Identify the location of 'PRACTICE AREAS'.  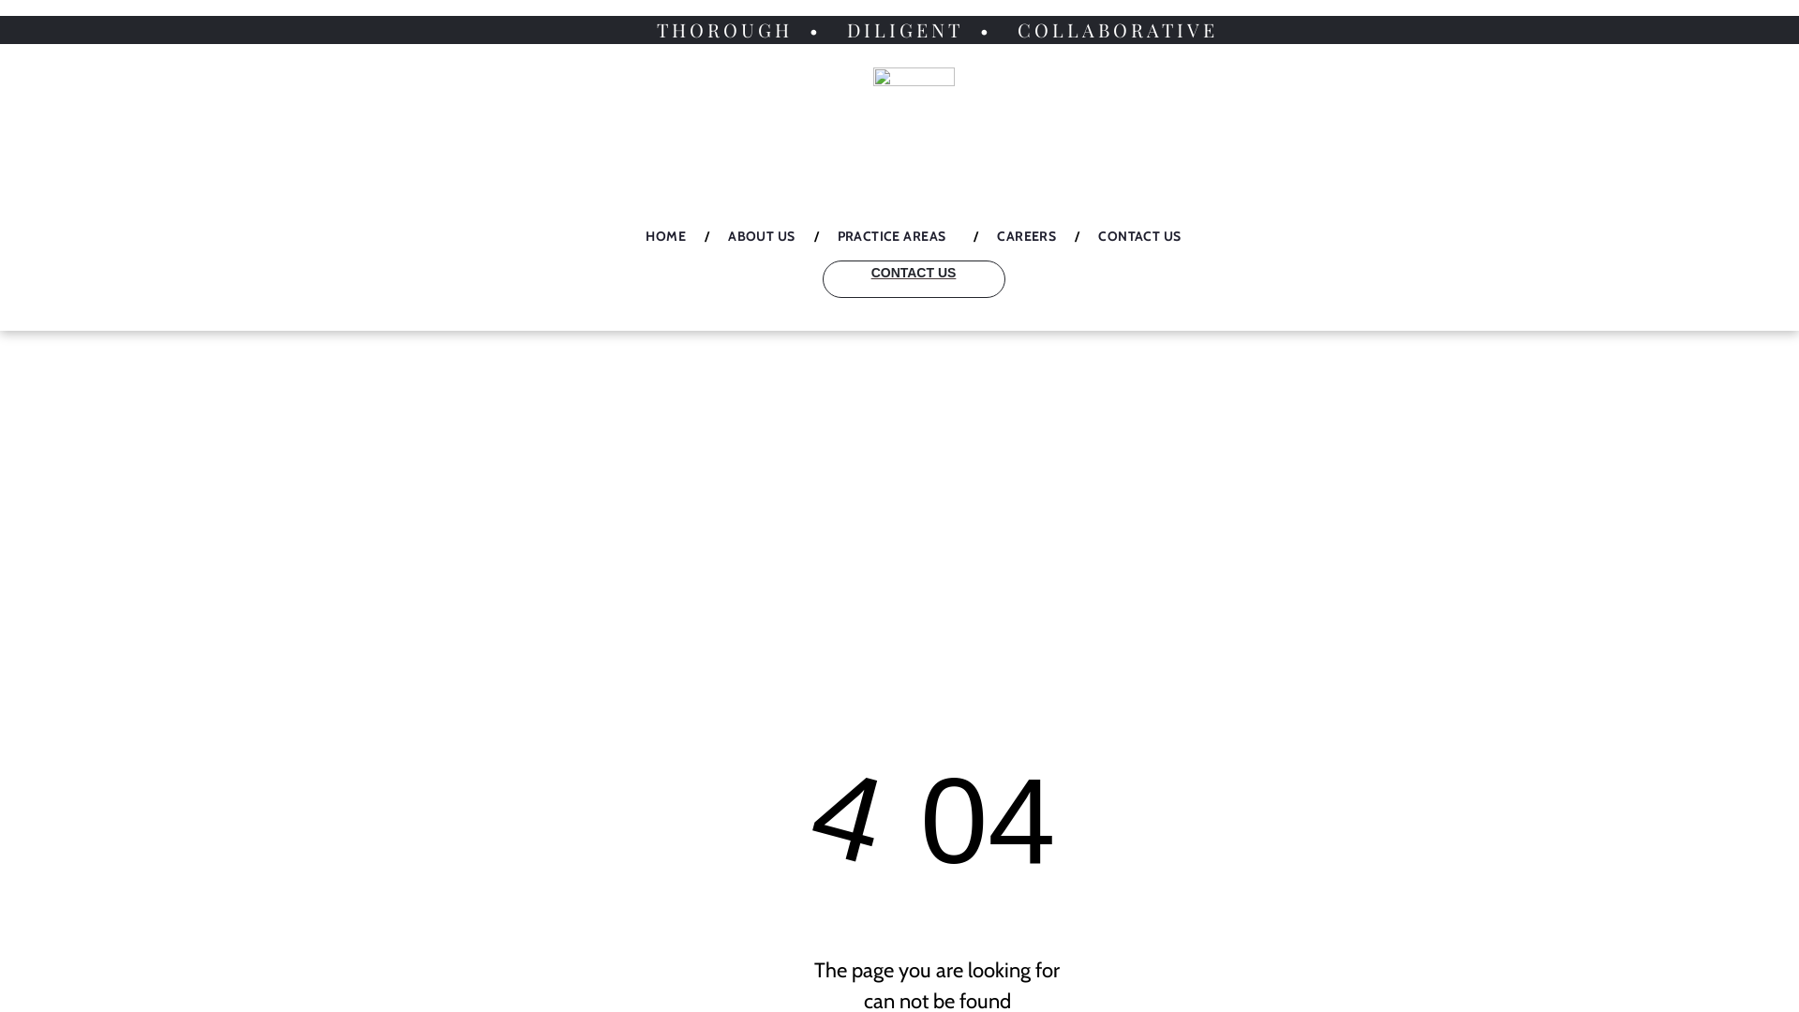
(895, 235).